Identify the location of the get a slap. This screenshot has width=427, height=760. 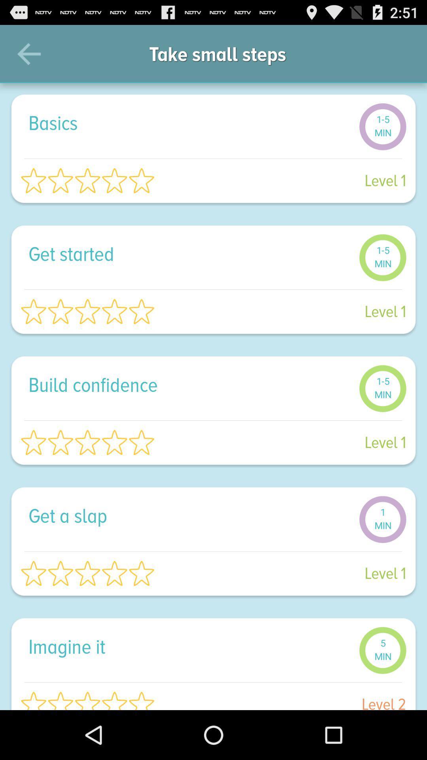
(189, 515).